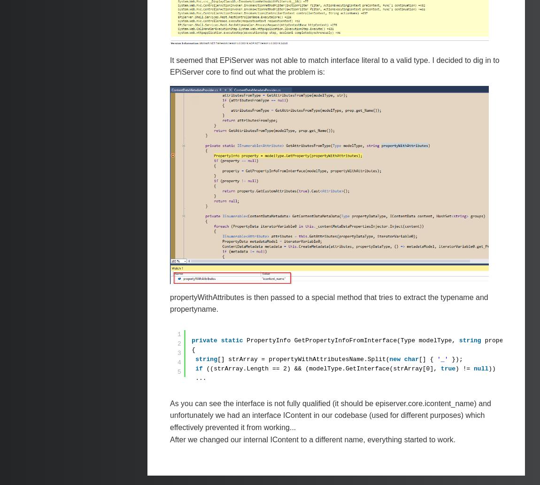 The width and height of the screenshot is (540, 485). Describe the element at coordinates (334, 66) in the screenshot. I see `'It seemed that EPiServer was not able to match interface literal to a valid type. I decided to dig in to EPiServer core to find out what the problem is:'` at that location.